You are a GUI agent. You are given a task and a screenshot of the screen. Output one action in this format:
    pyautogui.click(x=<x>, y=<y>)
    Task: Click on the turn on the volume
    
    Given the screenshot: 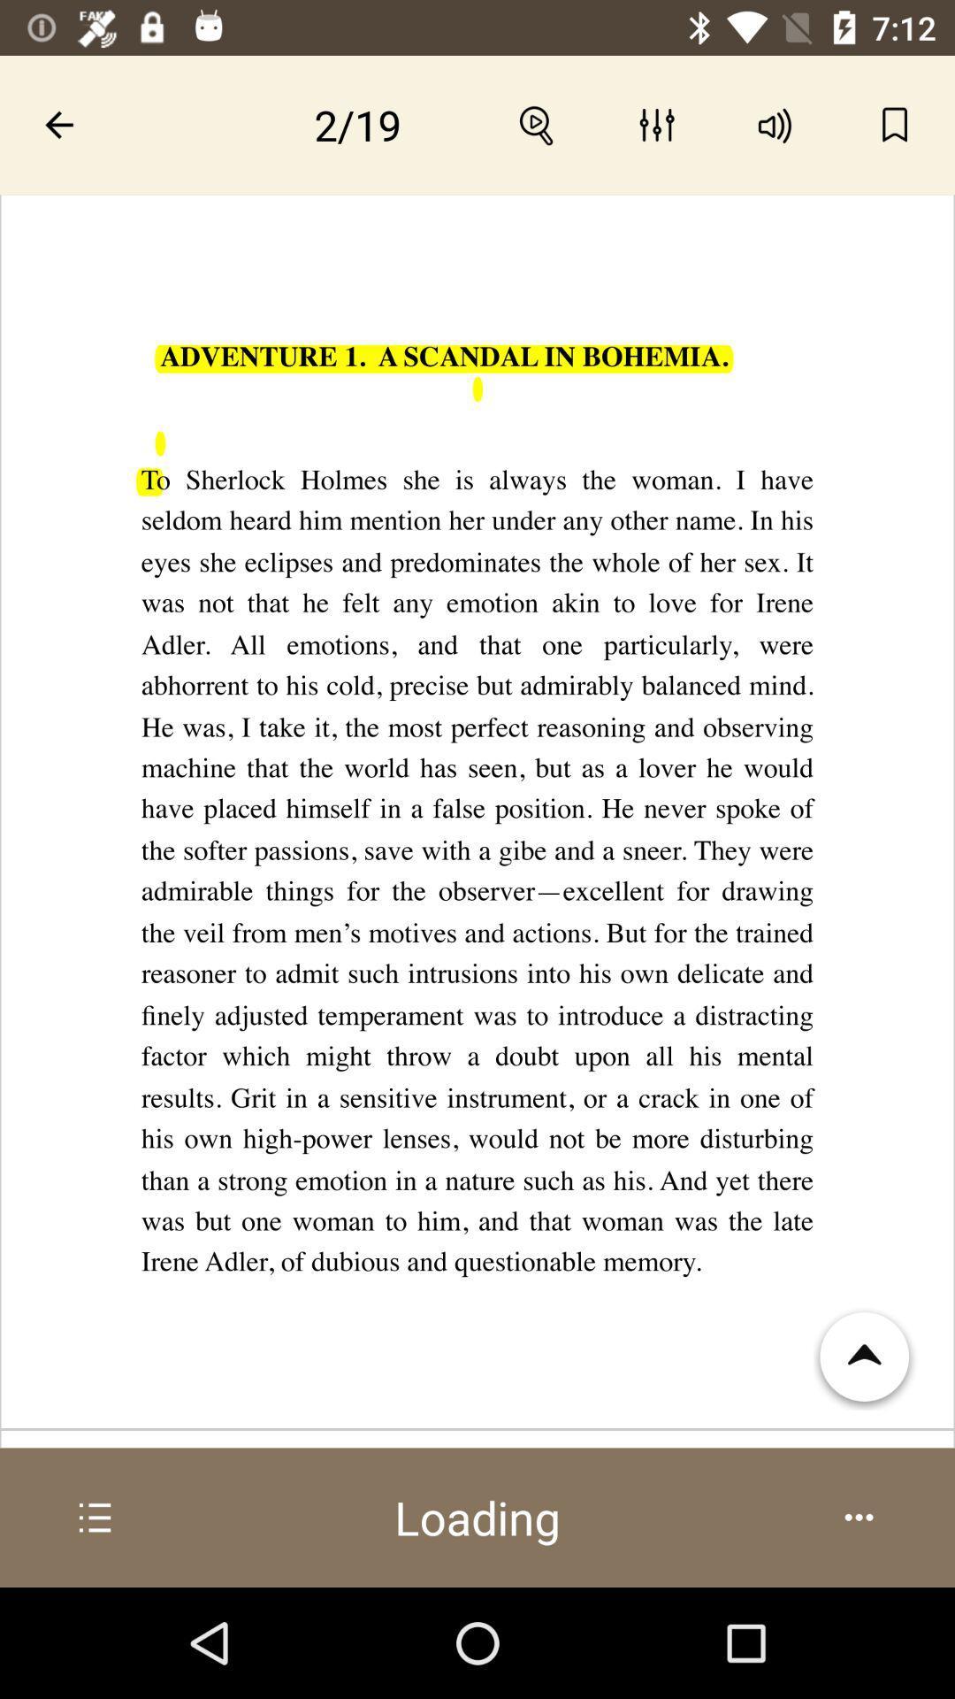 What is the action you would take?
    pyautogui.click(x=775, y=124)
    